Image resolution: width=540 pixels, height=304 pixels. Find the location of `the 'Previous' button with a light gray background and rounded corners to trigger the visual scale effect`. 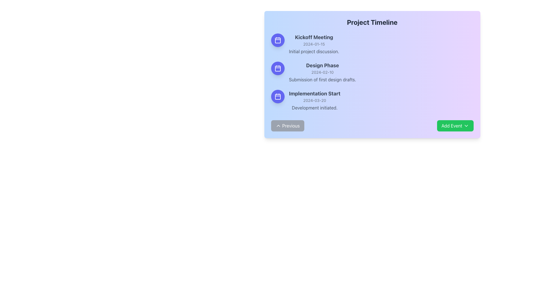

the 'Previous' button with a light gray background and rounded corners to trigger the visual scale effect is located at coordinates (287, 126).